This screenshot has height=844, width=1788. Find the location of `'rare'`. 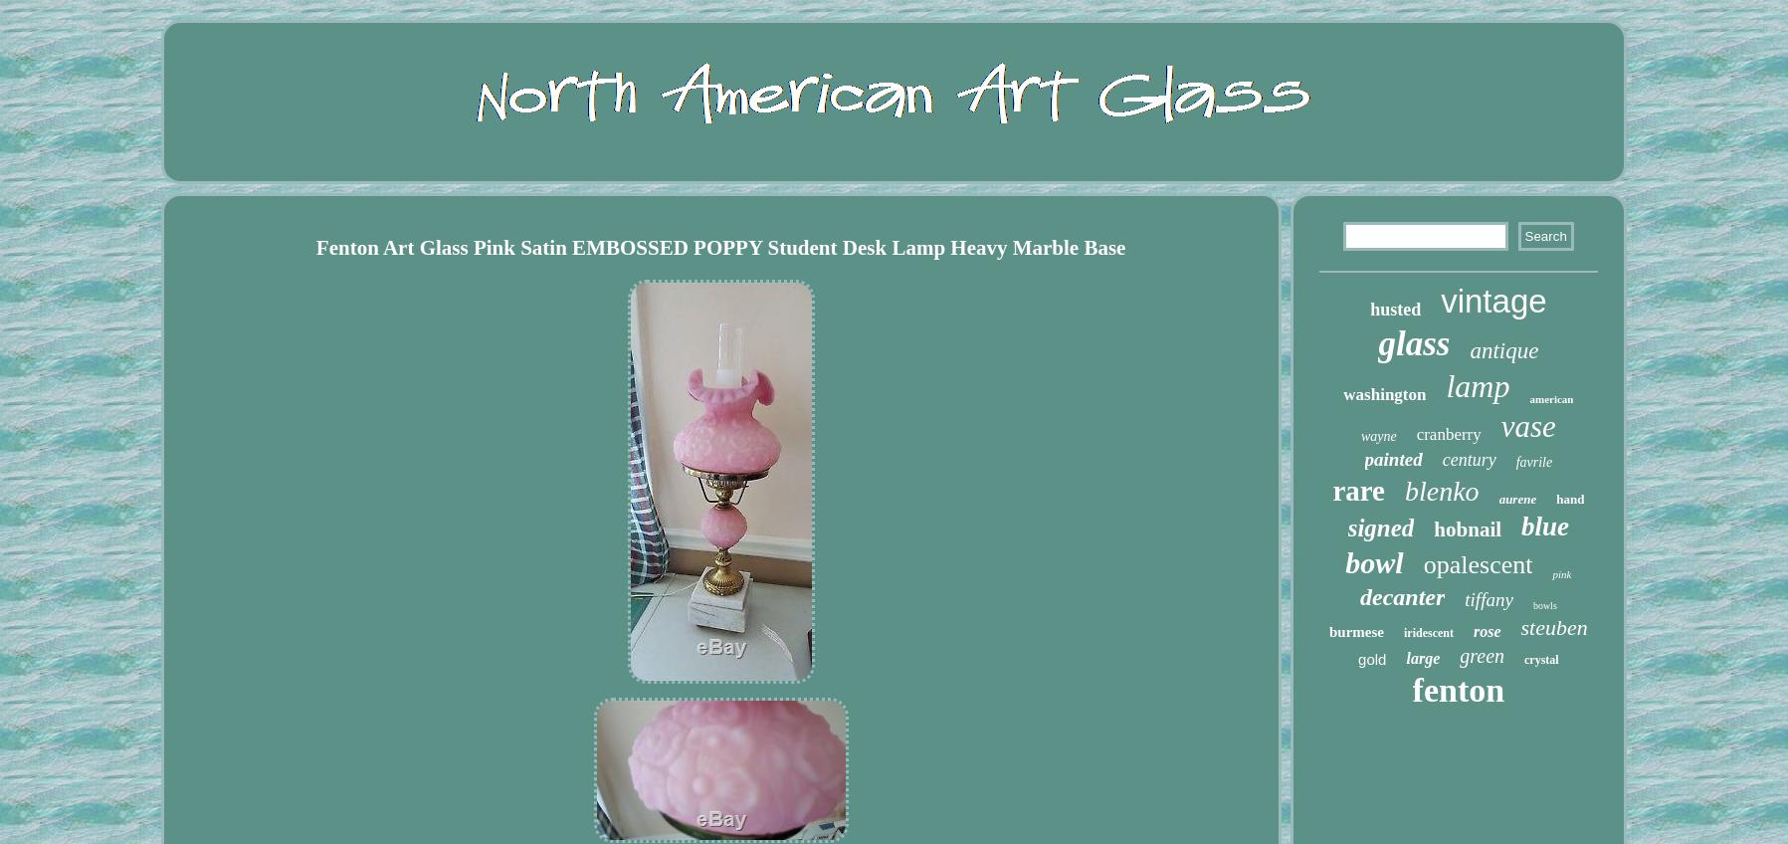

'rare' is located at coordinates (1358, 491).